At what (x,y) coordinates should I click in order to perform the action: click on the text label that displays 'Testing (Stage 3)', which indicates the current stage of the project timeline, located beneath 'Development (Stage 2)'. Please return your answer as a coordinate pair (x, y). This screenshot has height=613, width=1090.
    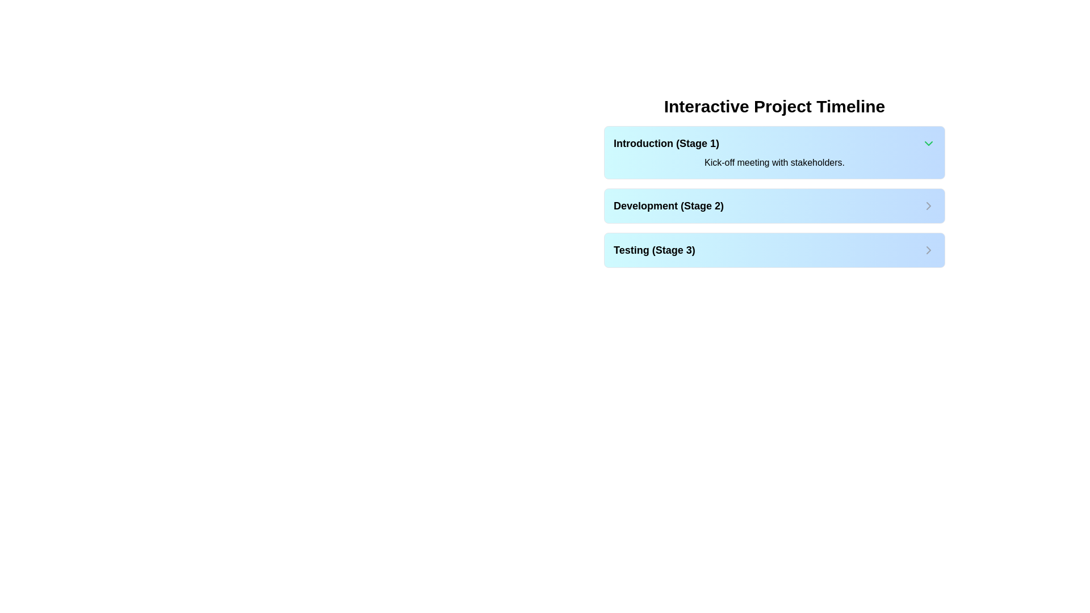
    Looking at the image, I should click on (654, 249).